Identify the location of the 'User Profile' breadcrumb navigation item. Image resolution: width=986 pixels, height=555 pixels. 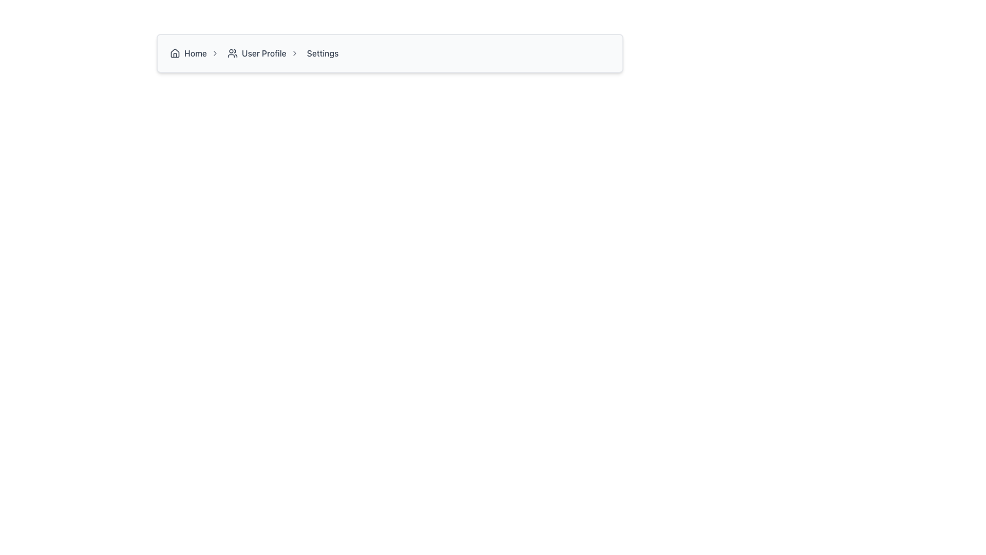
(263, 53).